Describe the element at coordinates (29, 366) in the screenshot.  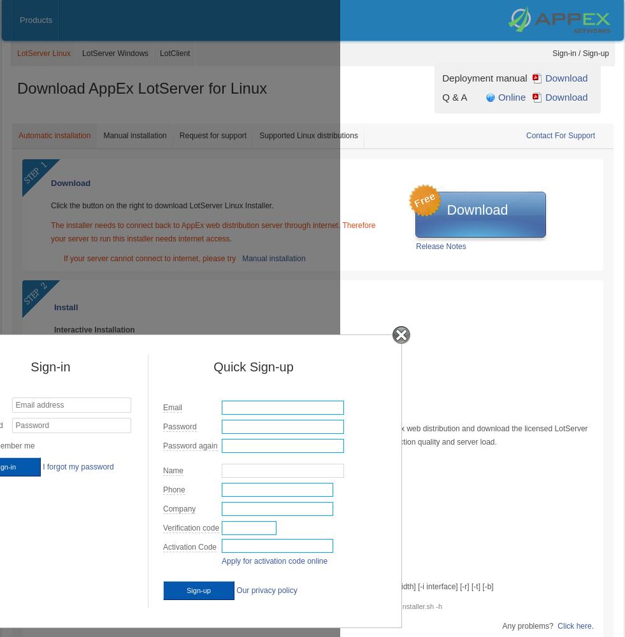
I see `'Sign-in'` at that location.